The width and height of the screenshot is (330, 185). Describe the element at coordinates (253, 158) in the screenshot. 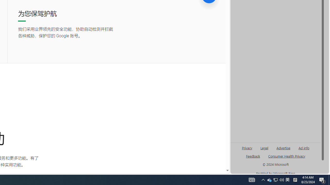

I see `'AutomationID: genId96'` at that location.